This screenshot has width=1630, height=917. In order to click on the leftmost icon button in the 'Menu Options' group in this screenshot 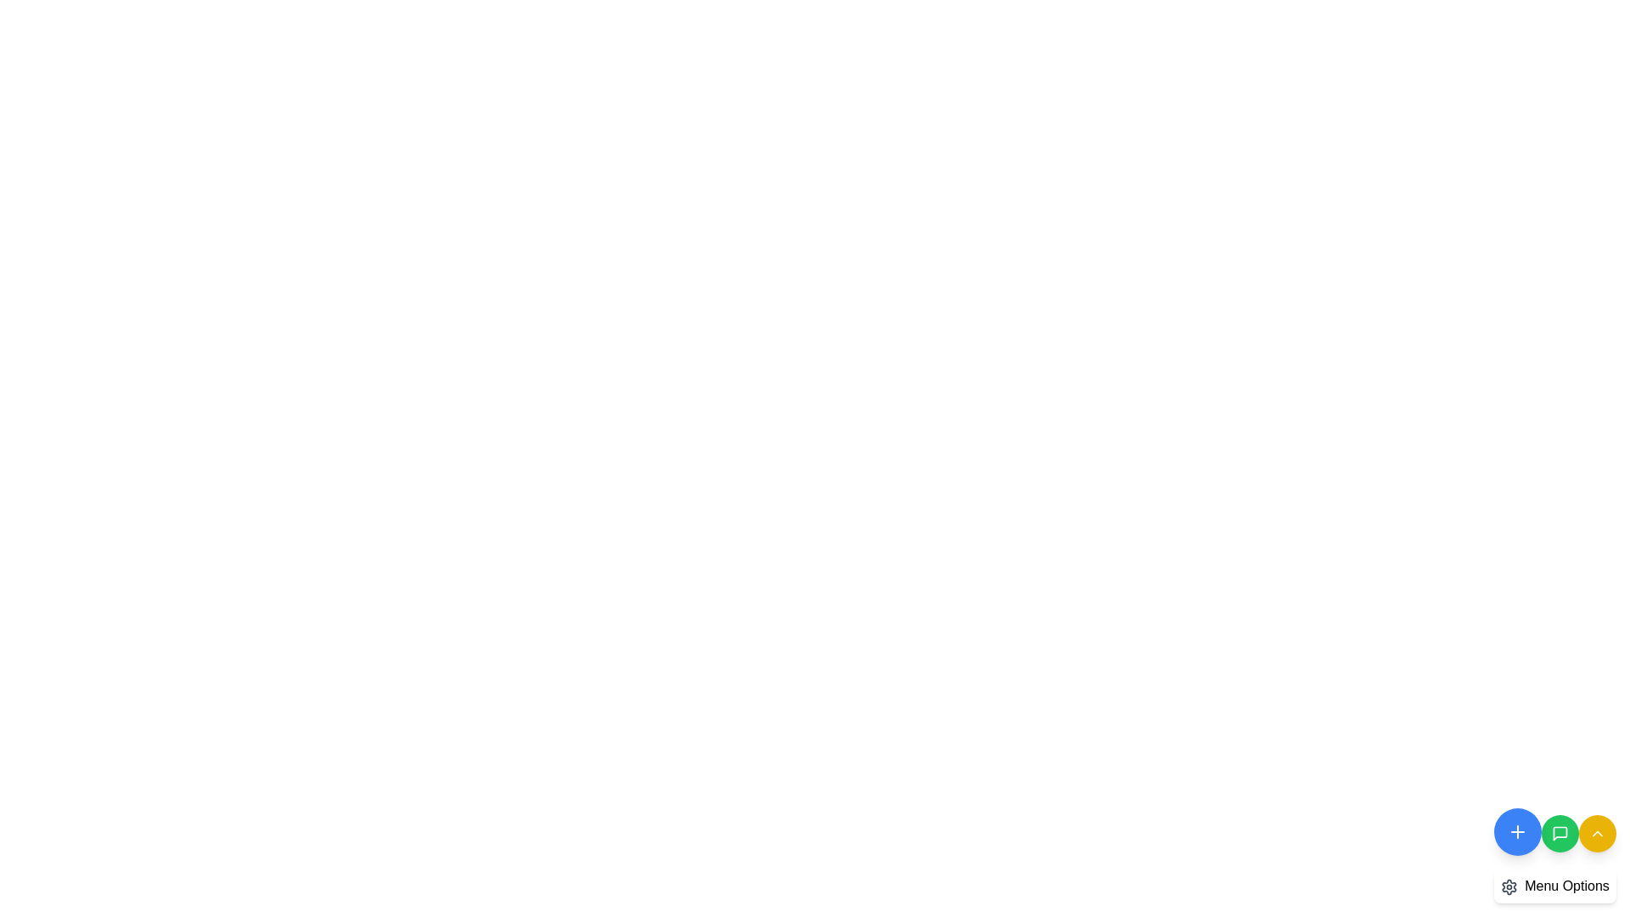, I will do `click(1509, 886)`.